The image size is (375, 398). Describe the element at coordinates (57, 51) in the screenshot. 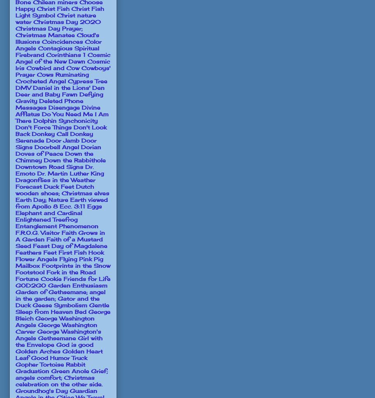

I see `'Contagious Spiritual Firebrand'` at that location.